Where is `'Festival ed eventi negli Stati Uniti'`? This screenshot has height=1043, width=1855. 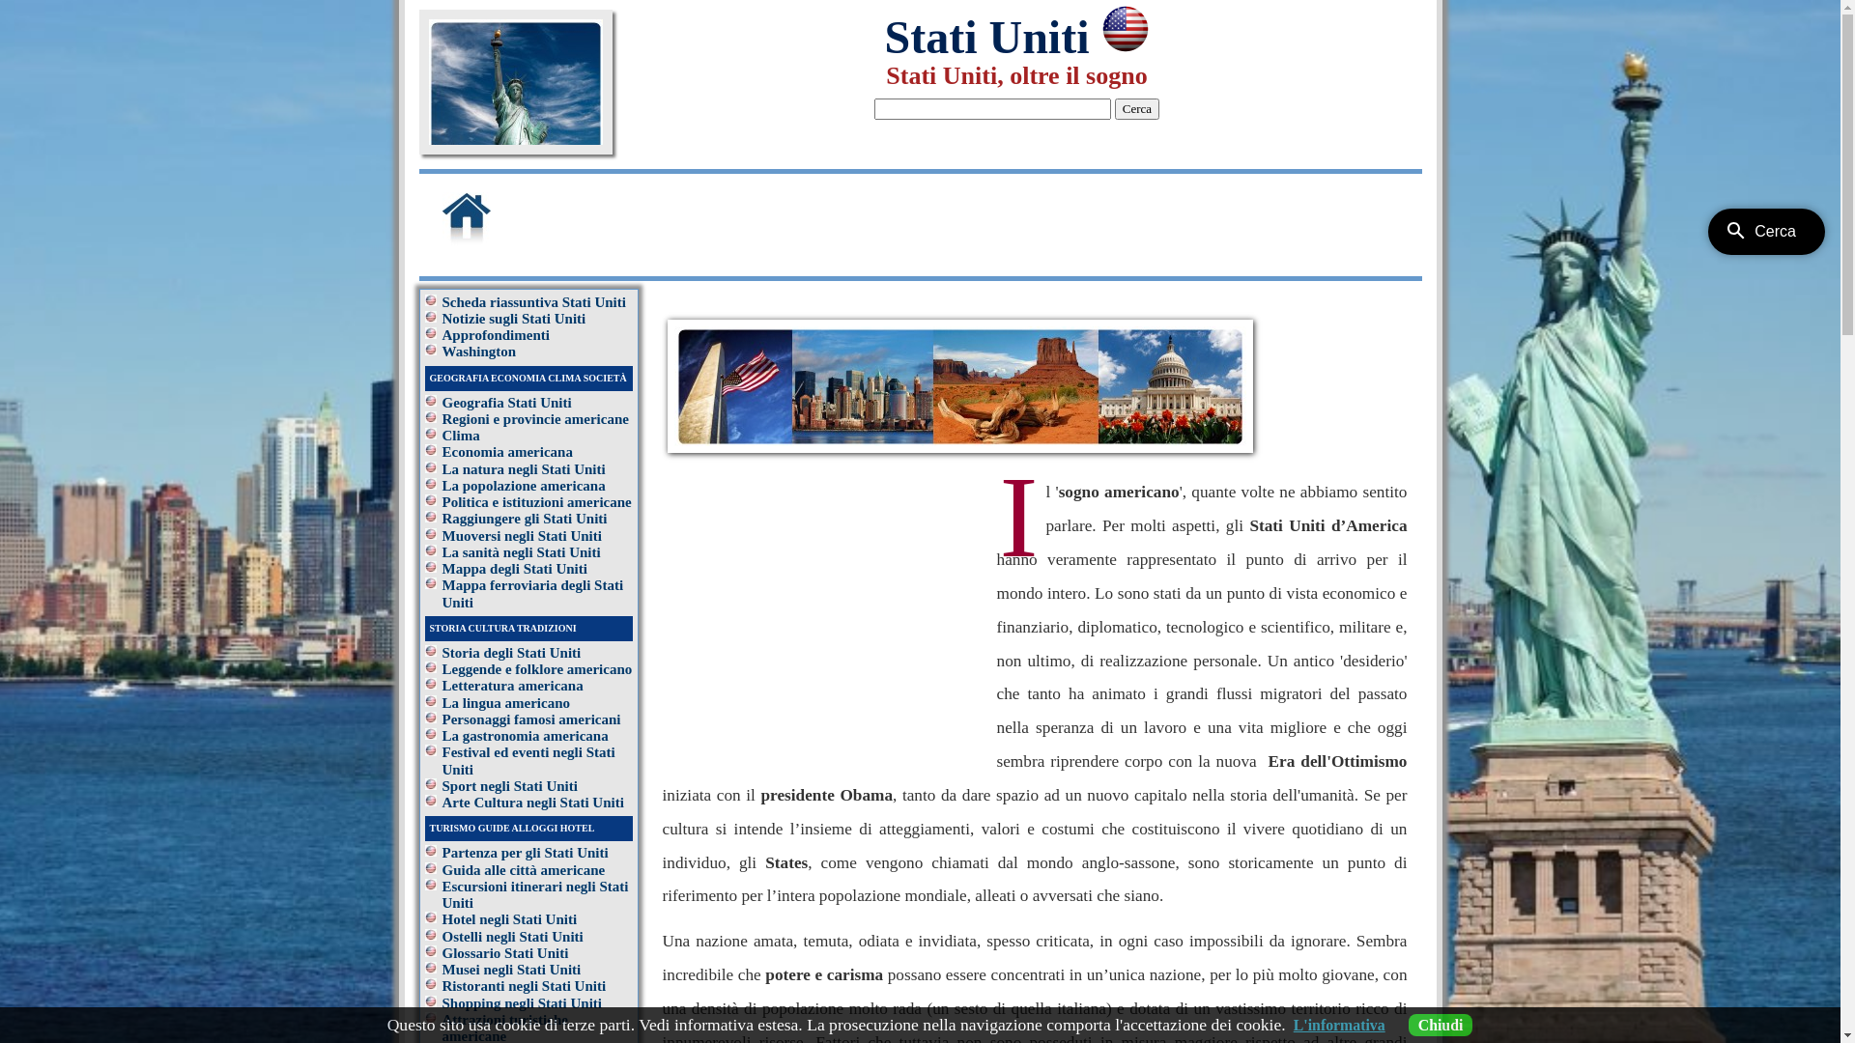 'Festival ed eventi negli Stati Uniti' is located at coordinates (528, 759).